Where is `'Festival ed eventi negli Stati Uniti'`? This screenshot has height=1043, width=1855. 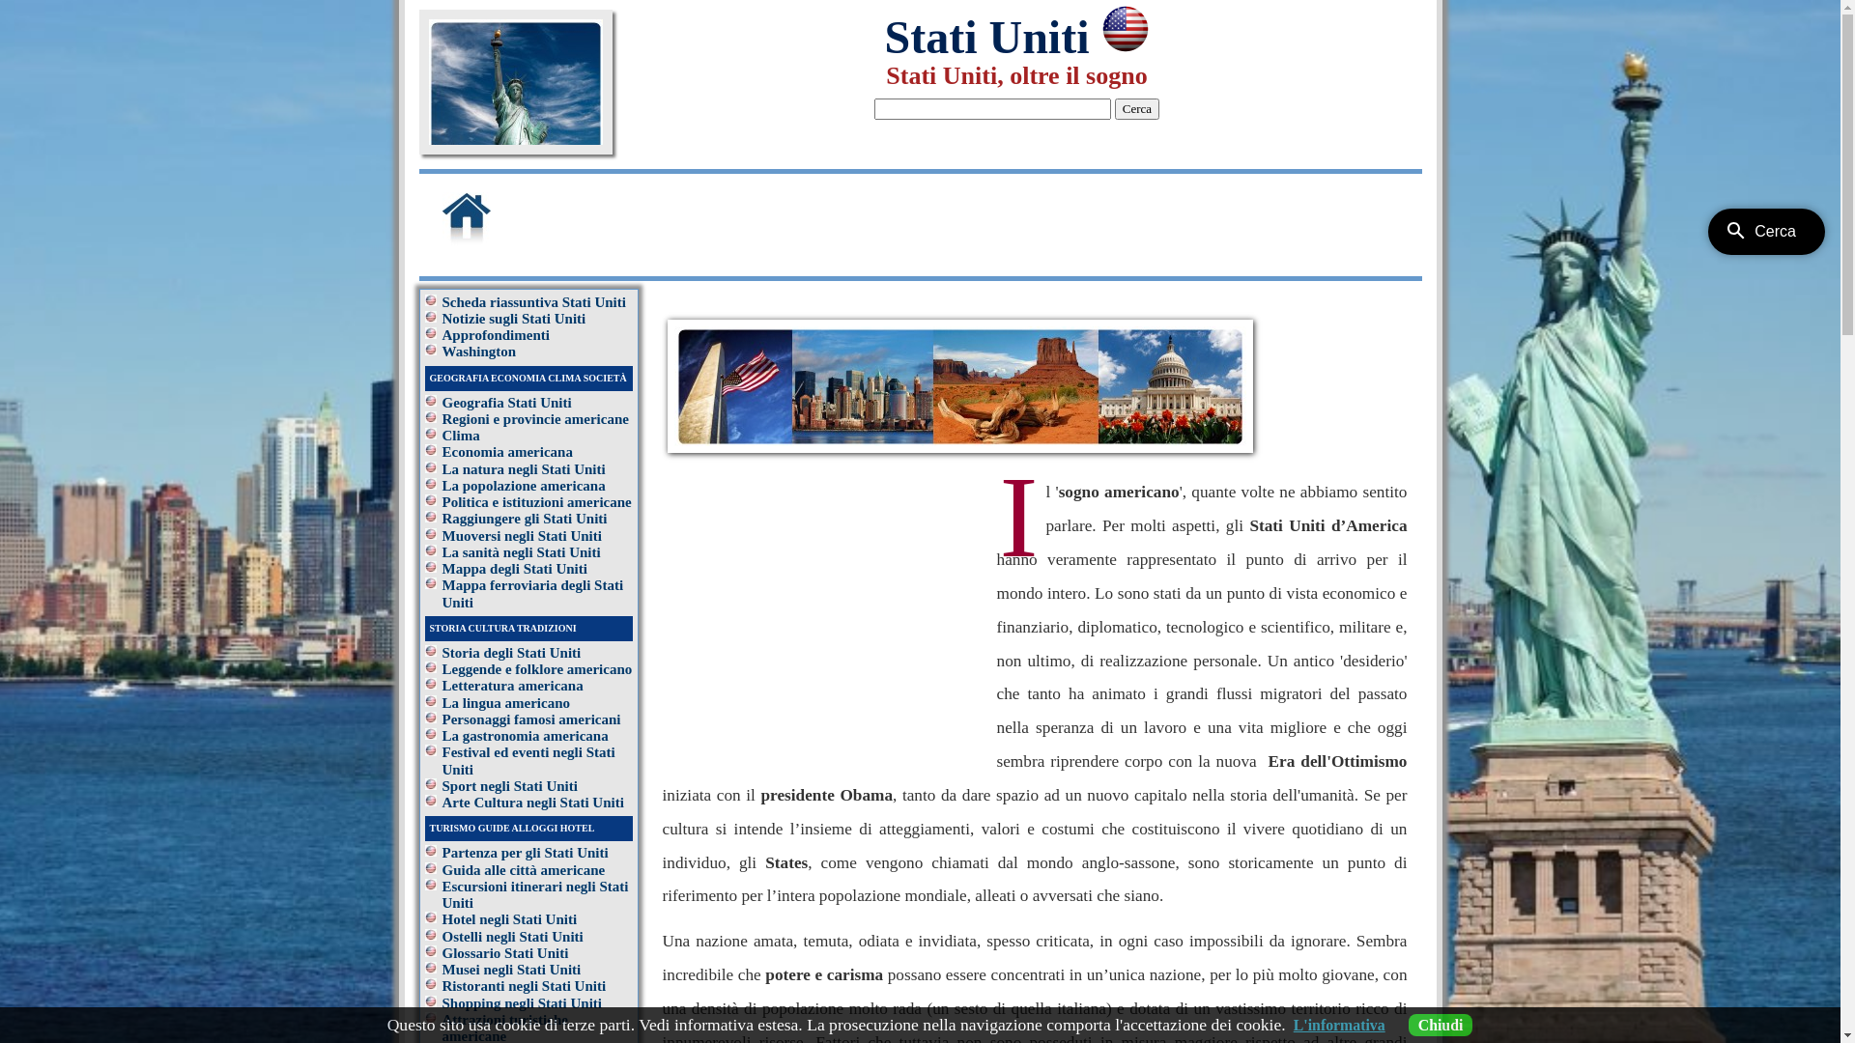 'Festival ed eventi negli Stati Uniti' is located at coordinates (528, 759).